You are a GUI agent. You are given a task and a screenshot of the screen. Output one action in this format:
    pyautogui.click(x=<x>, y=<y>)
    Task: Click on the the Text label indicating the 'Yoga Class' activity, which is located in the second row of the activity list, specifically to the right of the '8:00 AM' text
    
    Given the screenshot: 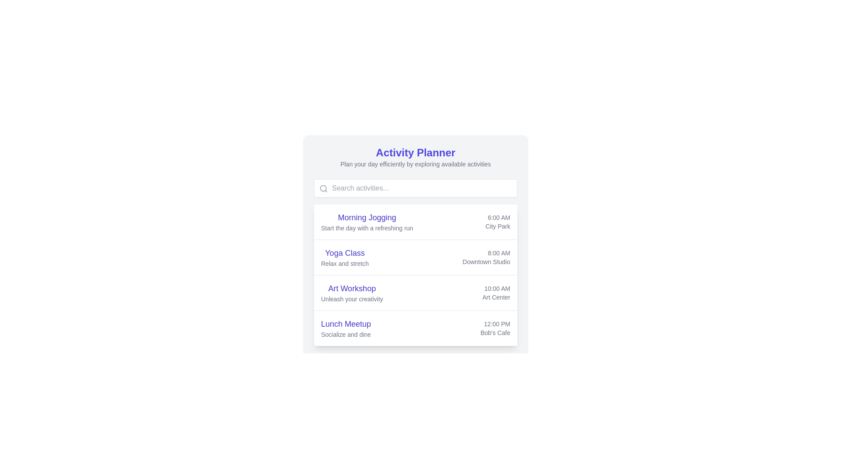 What is the action you would take?
    pyautogui.click(x=486, y=261)
    